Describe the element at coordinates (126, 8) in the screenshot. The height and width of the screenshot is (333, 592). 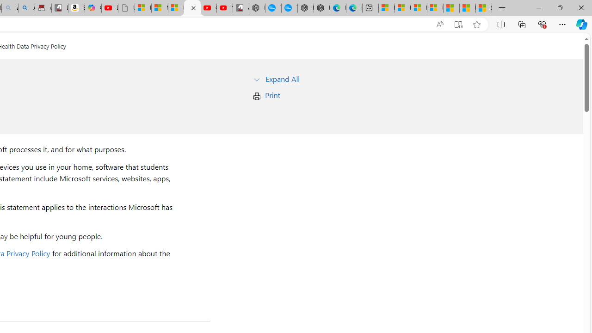
I see `'Untitled'` at that location.